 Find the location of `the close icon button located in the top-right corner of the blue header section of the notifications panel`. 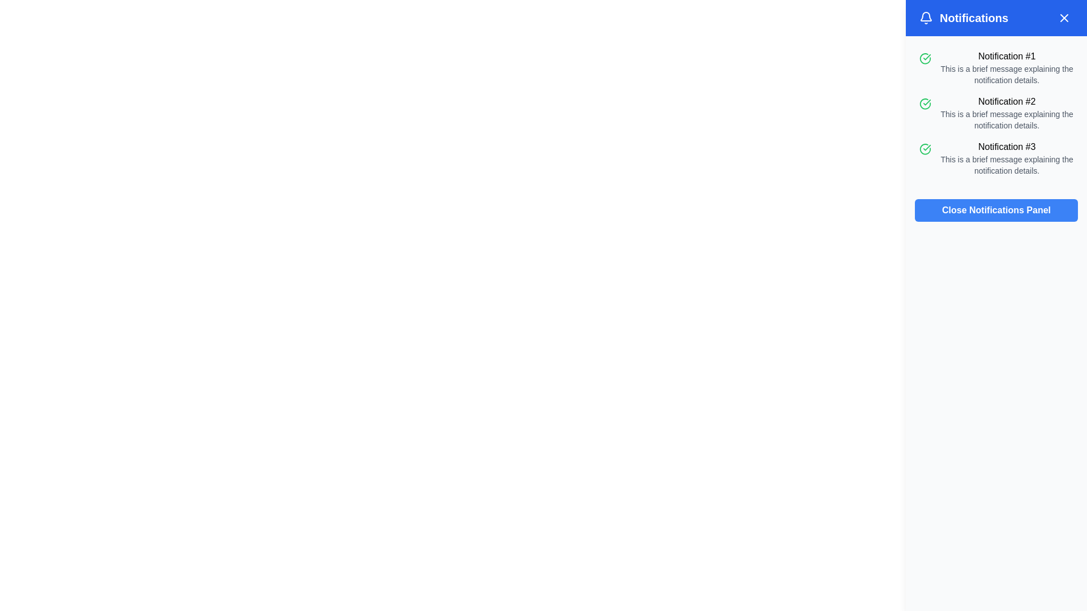

the close icon button located in the top-right corner of the blue header section of the notifications panel is located at coordinates (1064, 18).